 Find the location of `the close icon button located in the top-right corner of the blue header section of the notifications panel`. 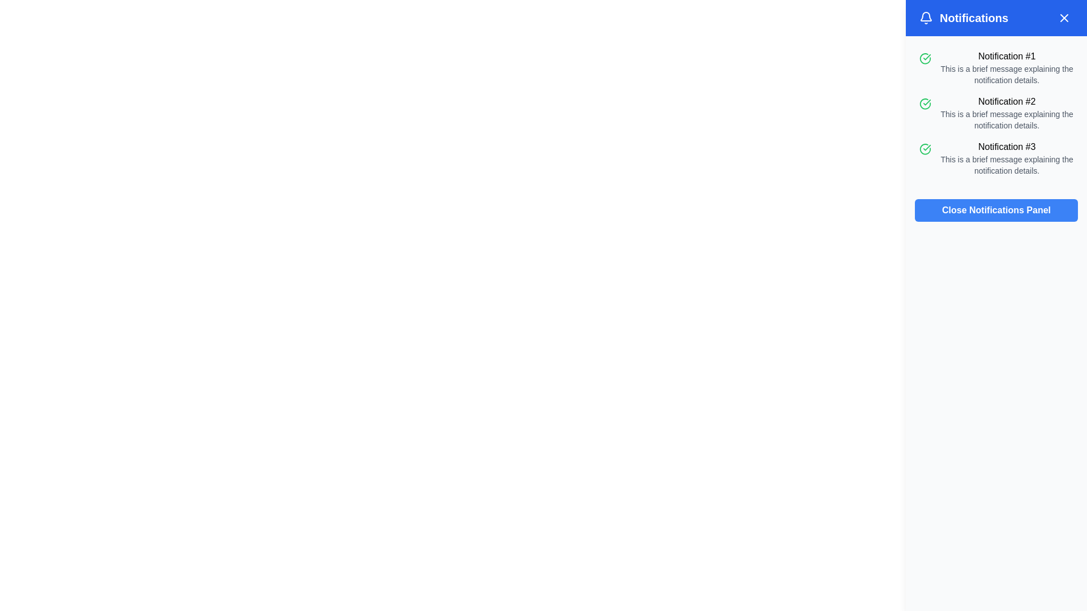

the close icon button located in the top-right corner of the blue header section of the notifications panel is located at coordinates (1064, 18).